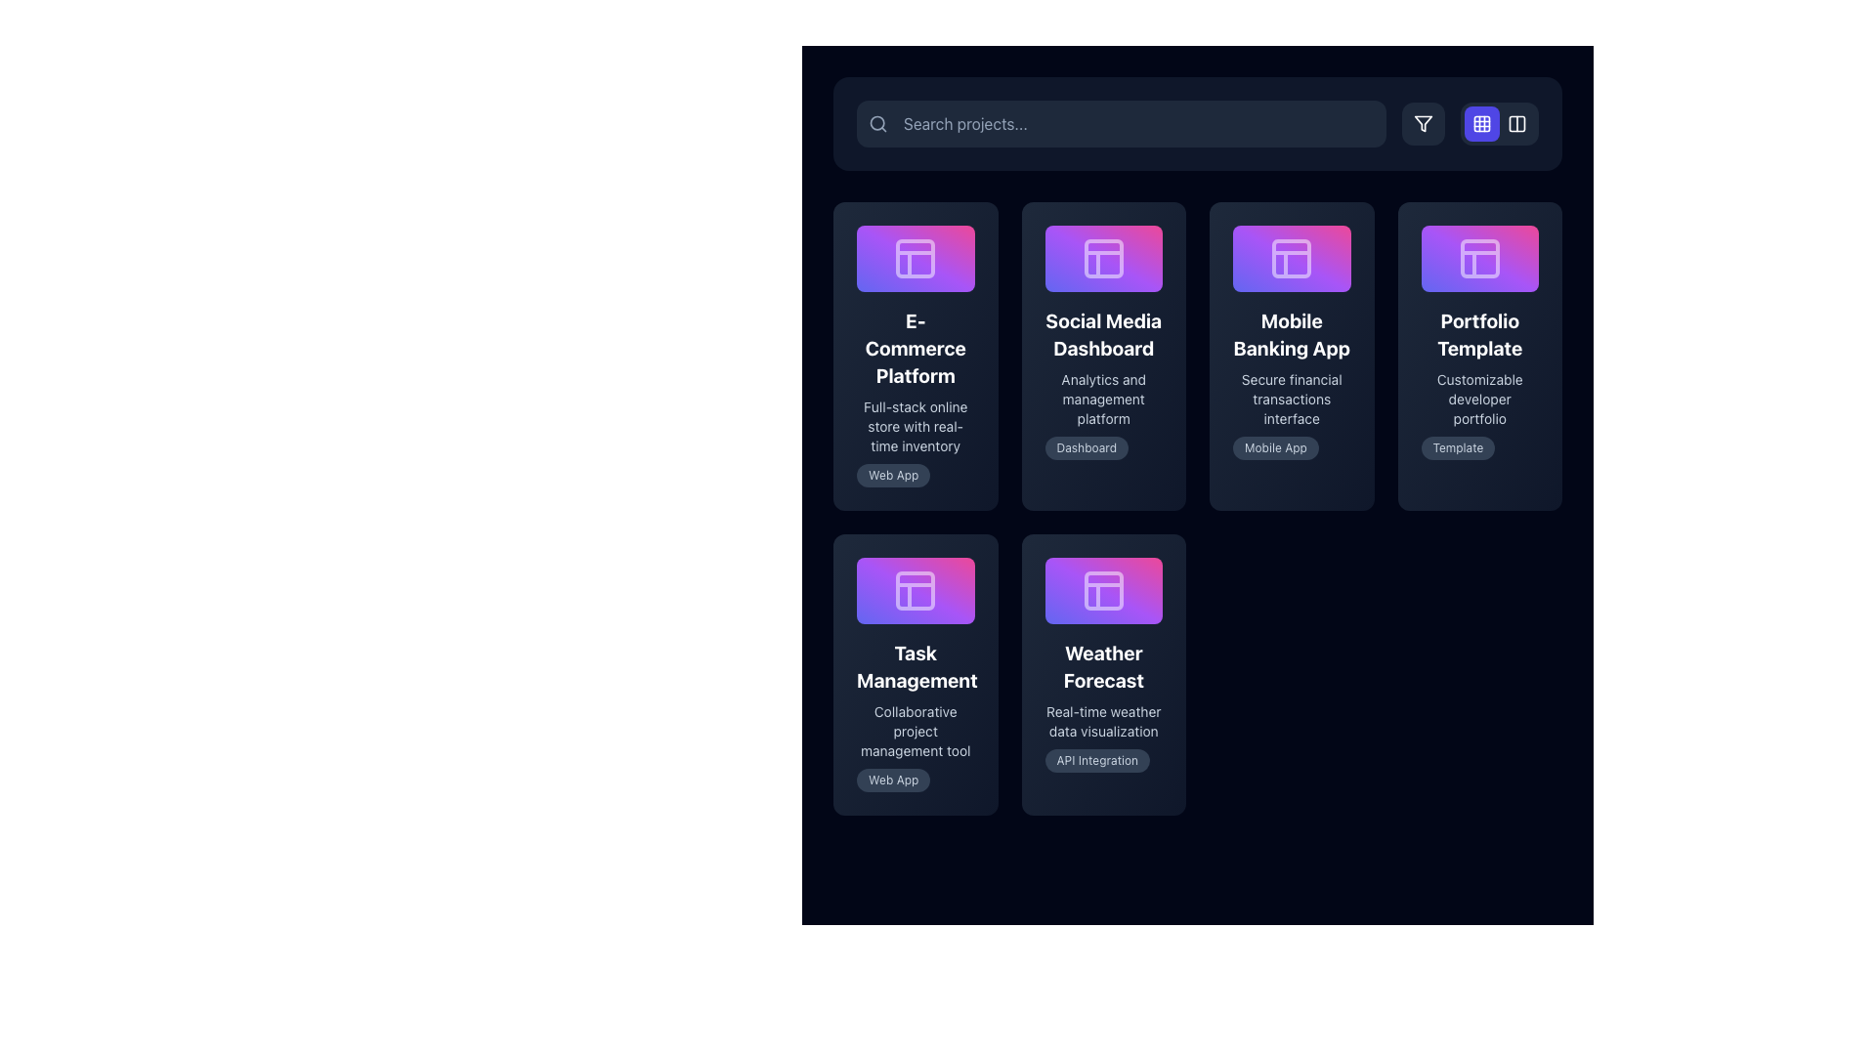  What do you see at coordinates (1479, 383) in the screenshot?
I see `the textual component displaying the title 'Portfolio Template', subtitle 'Customizable developer portfolio', and the grey tag labeled 'Template'` at bounding box center [1479, 383].